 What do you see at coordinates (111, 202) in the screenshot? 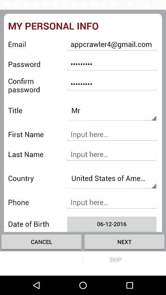
I see `the phone number` at bounding box center [111, 202].